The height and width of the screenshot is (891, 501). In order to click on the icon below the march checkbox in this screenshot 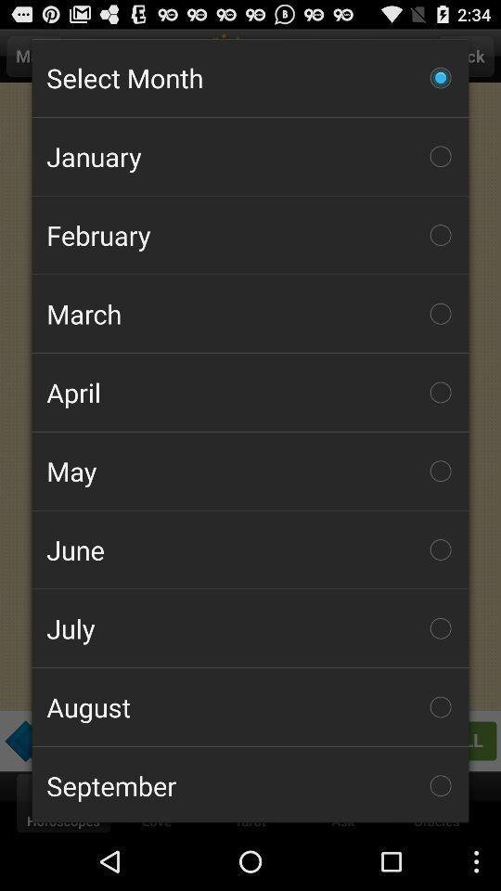, I will do `click(250, 392)`.